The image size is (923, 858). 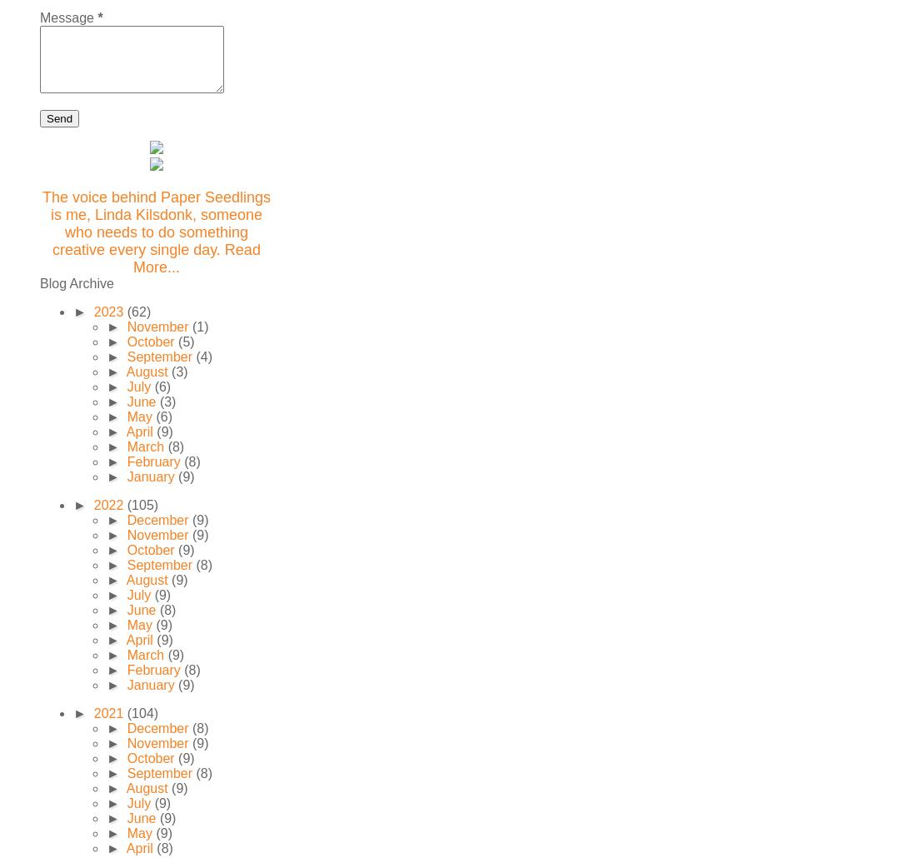 What do you see at coordinates (126, 712) in the screenshot?
I see `'(104)'` at bounding box center [126, 712].